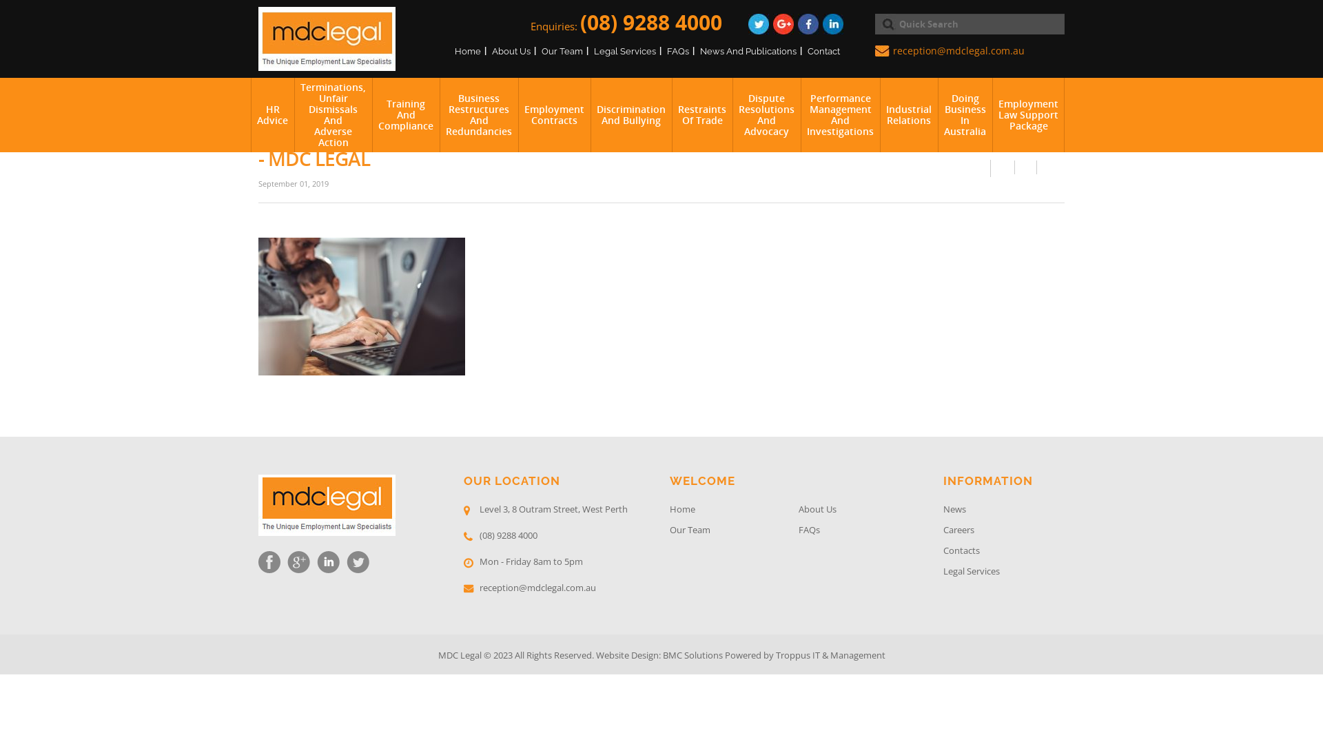 The width and height of the screenshot is (1323, 744). Describe the element at coordinates (467, 50) in the screenshot. I see `'Home'` at that location.